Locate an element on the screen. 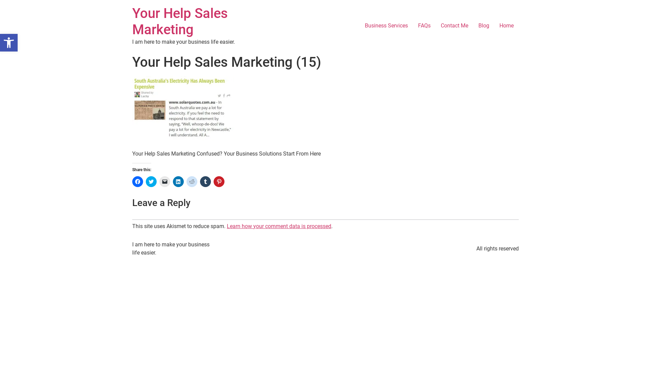 The height and width of the screenshot is (366, 651). 'Click to share on Reddit (Opens in new window)' is located at coordinates (192, 181).